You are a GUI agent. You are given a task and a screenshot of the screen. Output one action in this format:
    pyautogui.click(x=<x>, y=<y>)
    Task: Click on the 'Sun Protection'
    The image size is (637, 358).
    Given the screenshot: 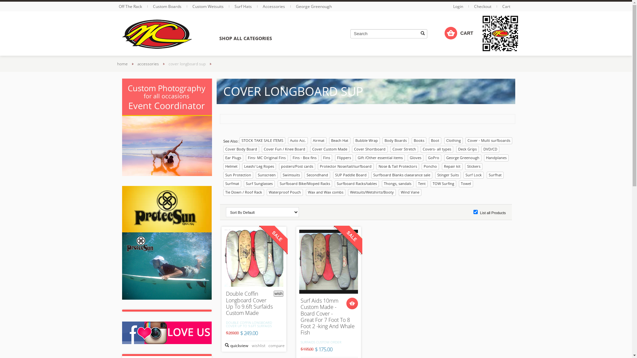 What is the action you would take?
    pyautogui.click(x=223, y=175)
    